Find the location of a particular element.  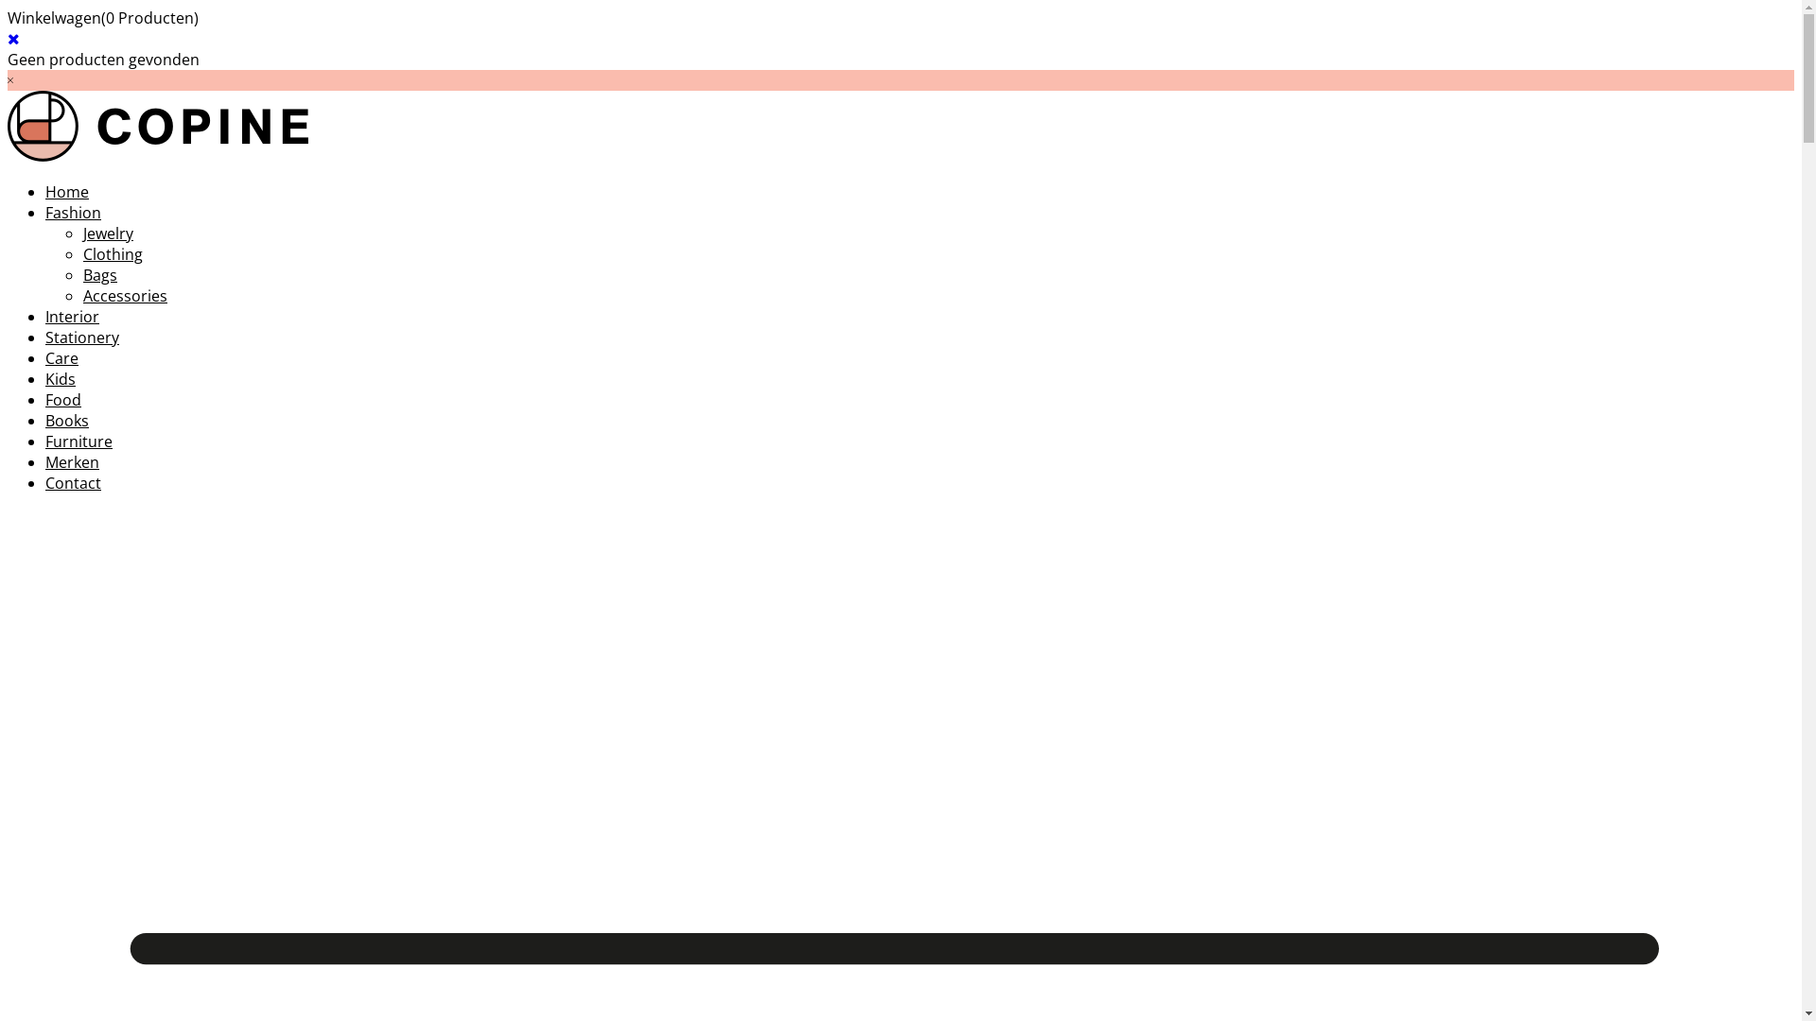

'Stationery' is located at coordinates (80, 337).